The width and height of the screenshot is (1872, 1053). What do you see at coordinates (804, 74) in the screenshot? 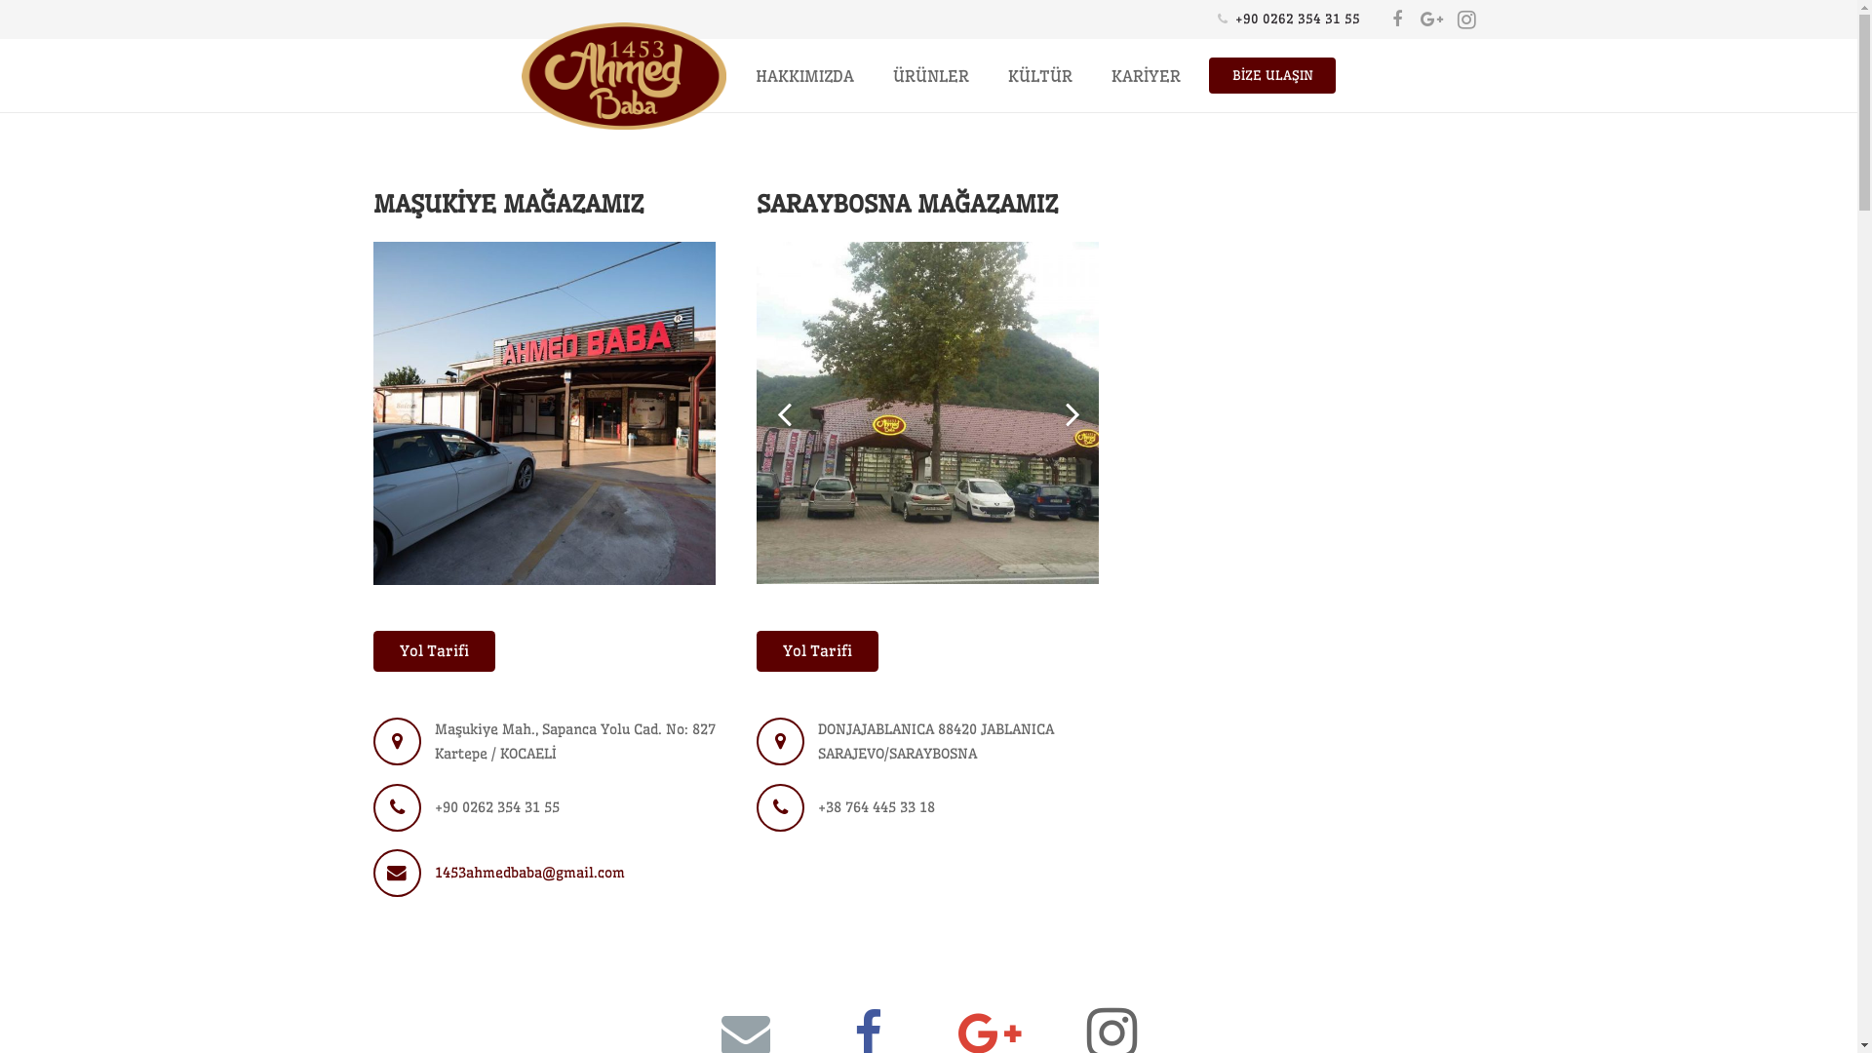
I see `'HAKKIMIZDA'` at bounding box center [804, 74].